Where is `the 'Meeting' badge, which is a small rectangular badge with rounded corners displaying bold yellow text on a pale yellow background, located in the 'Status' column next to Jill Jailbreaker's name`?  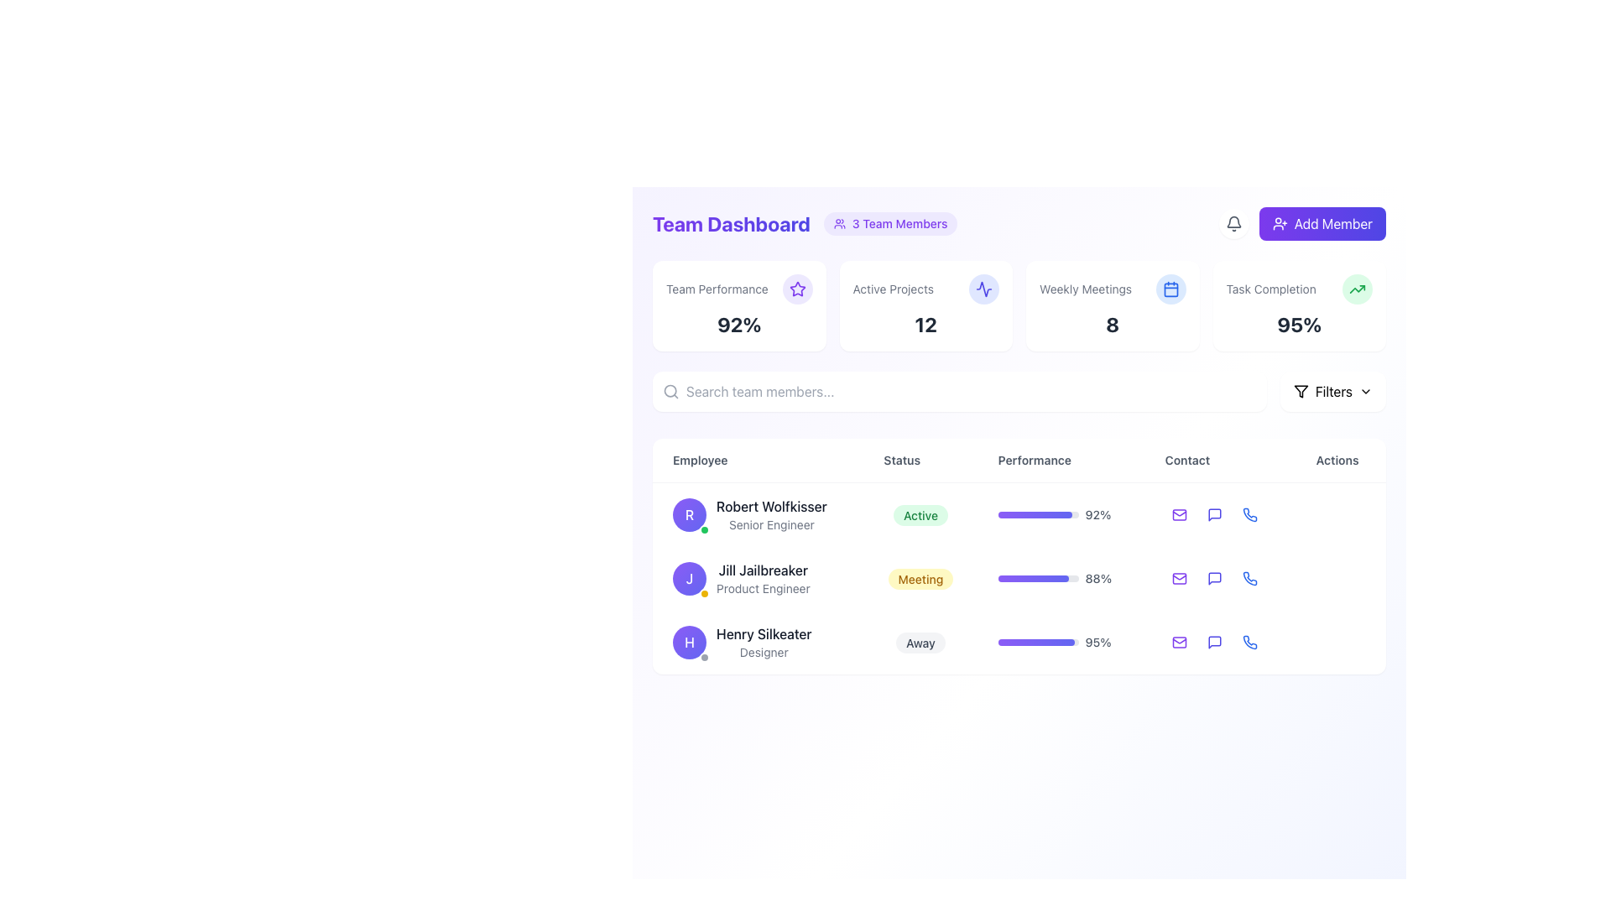
the 'Meeting' badge, which is a small rectangular badge with rounded corners displaying bold yellow text on a pale yellow background, located in the 'Status' column next to Jill Jailbreaker's name is located at coordinates (920, 578).